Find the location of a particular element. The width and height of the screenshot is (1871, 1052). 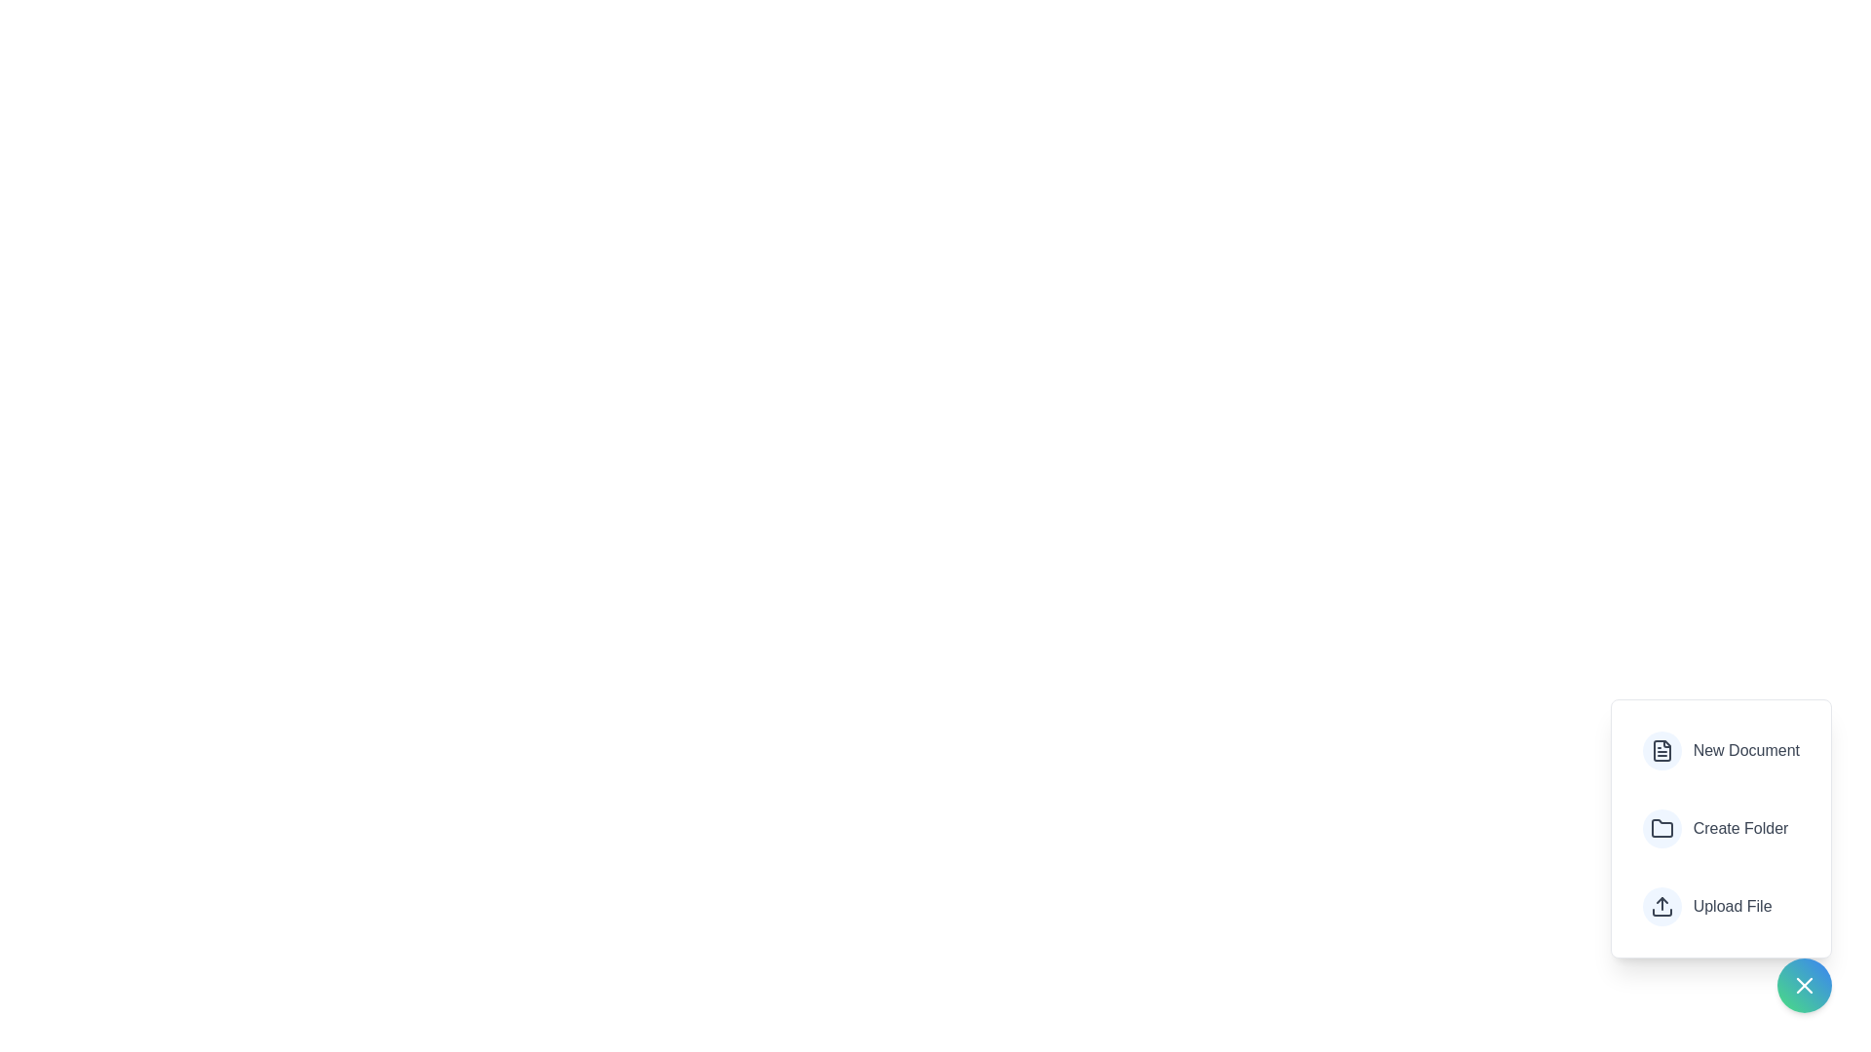

the menu option New Document by clicking on it is located at coordinates (1721, 750).